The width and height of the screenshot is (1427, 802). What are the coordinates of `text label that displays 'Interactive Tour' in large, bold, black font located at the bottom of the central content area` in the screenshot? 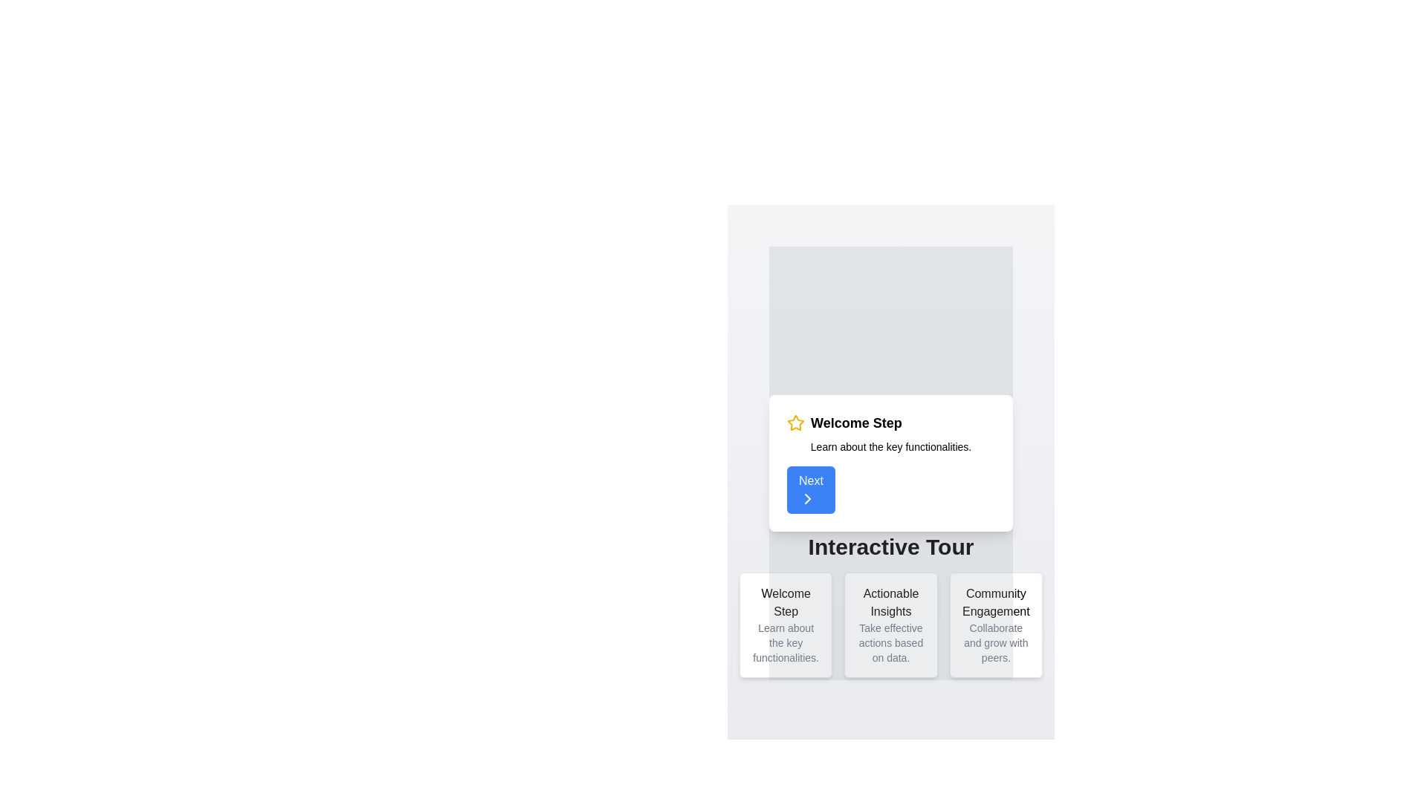 It's located at (891, 547).